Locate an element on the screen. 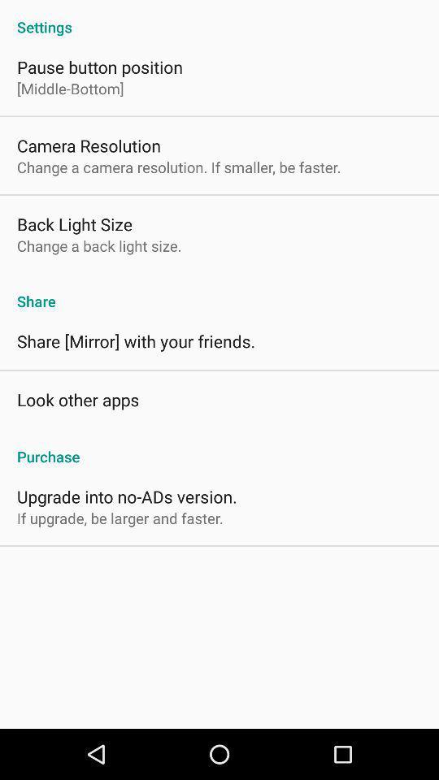 The width and height of the screenshot is (439, 780). the item below share mirror with item is located at coordinates (77, 398).